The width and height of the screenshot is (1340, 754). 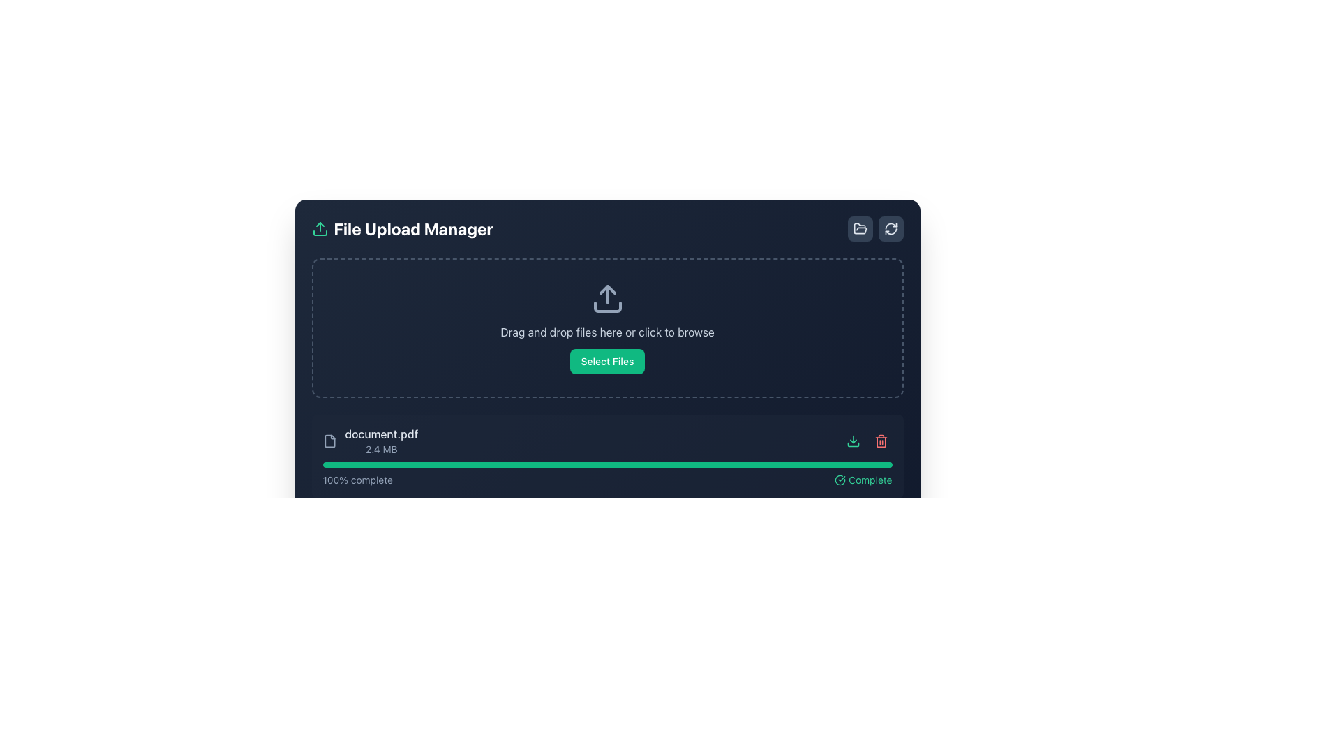 What do you see at coordinates (874, 228) in the screenshot?
I see `the folder button in the Horizontal Button Group located in the top-right corner of the interface, slightly to the right of the heading 'File Upload Manager'` at bounding box center [874, 228].